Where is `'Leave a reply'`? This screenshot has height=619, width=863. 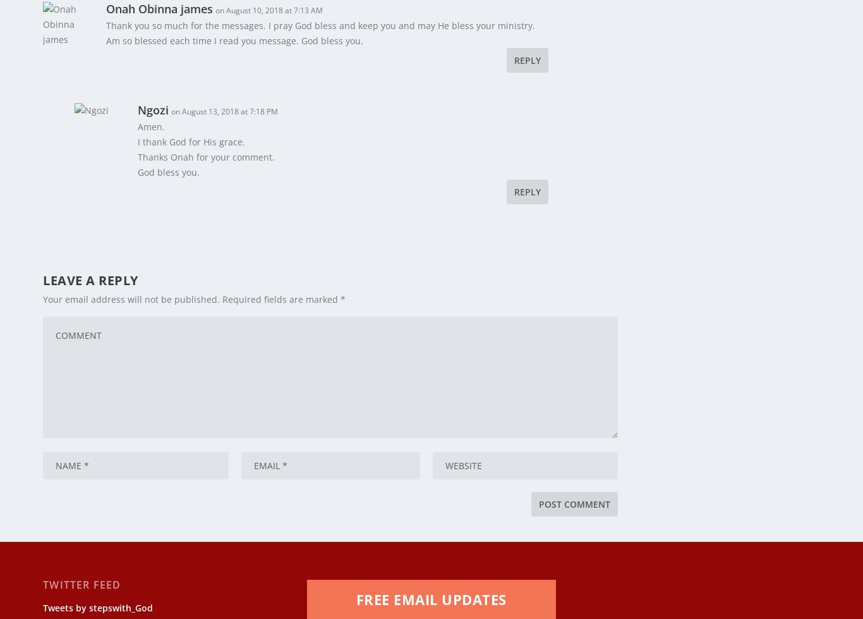 'Leave a reply' is located at coordinates (90, 272).